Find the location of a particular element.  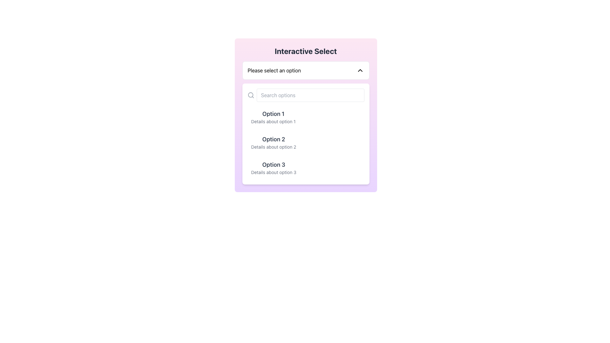

the horizontal search bar input field with the placeholder 'Search options' to focus it is located at coordinates (306, 95).